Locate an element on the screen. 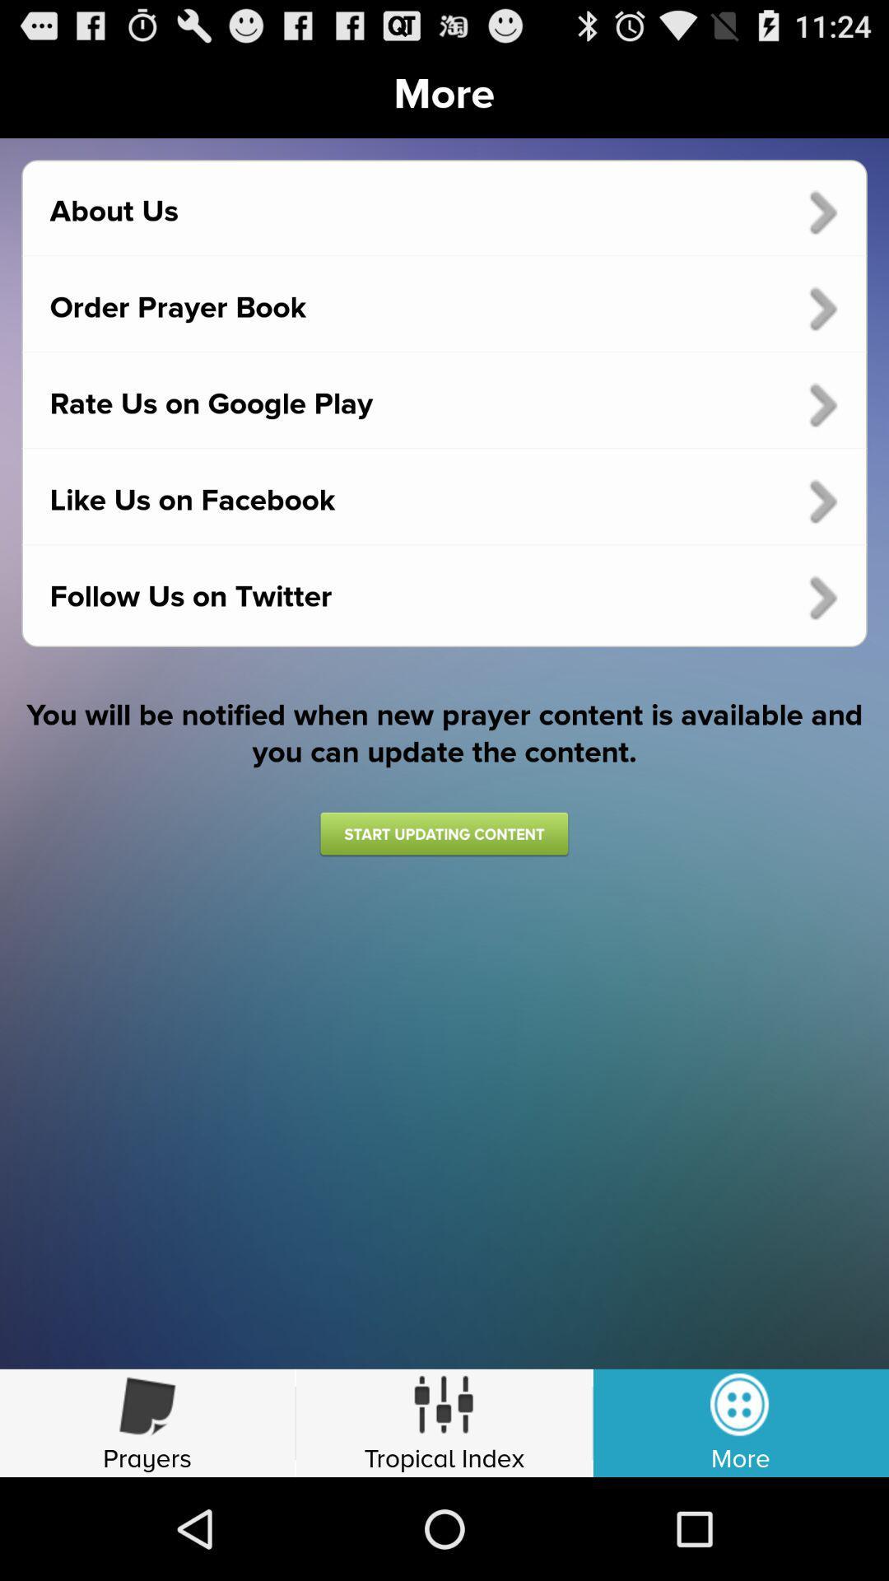  app content is located at coordinates (443, 833).